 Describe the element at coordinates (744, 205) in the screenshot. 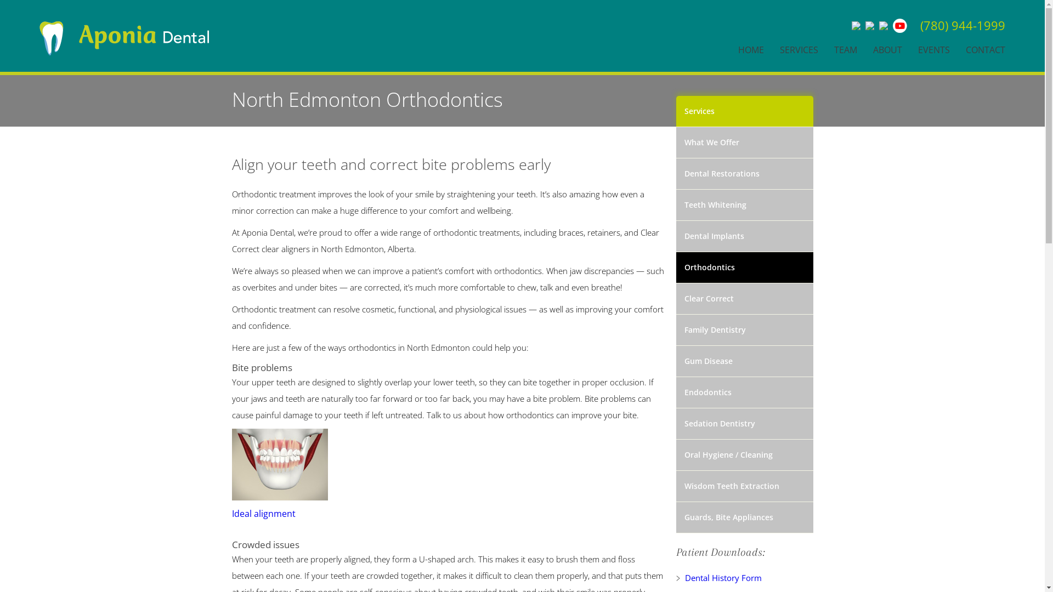

I see `'Teeth Whitening'` at that location.